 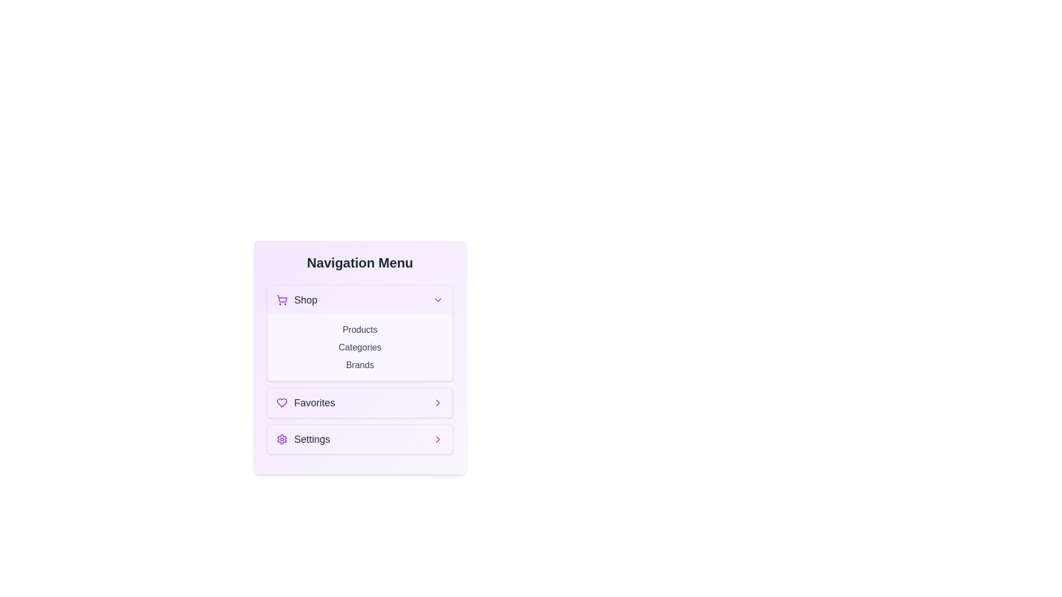 I want to click on the 'Shop' dropdown menu in the navigation menu, so click(x=360, y=332).